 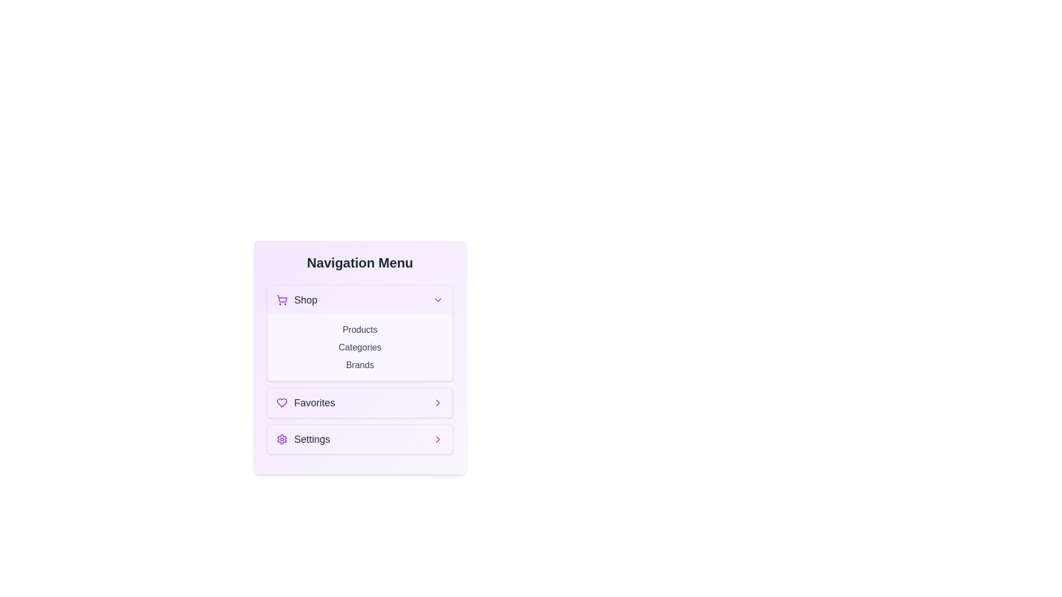 I want to click on the 'Shop' dropdown menu in the navigation menu, so click(x=360, y=332).